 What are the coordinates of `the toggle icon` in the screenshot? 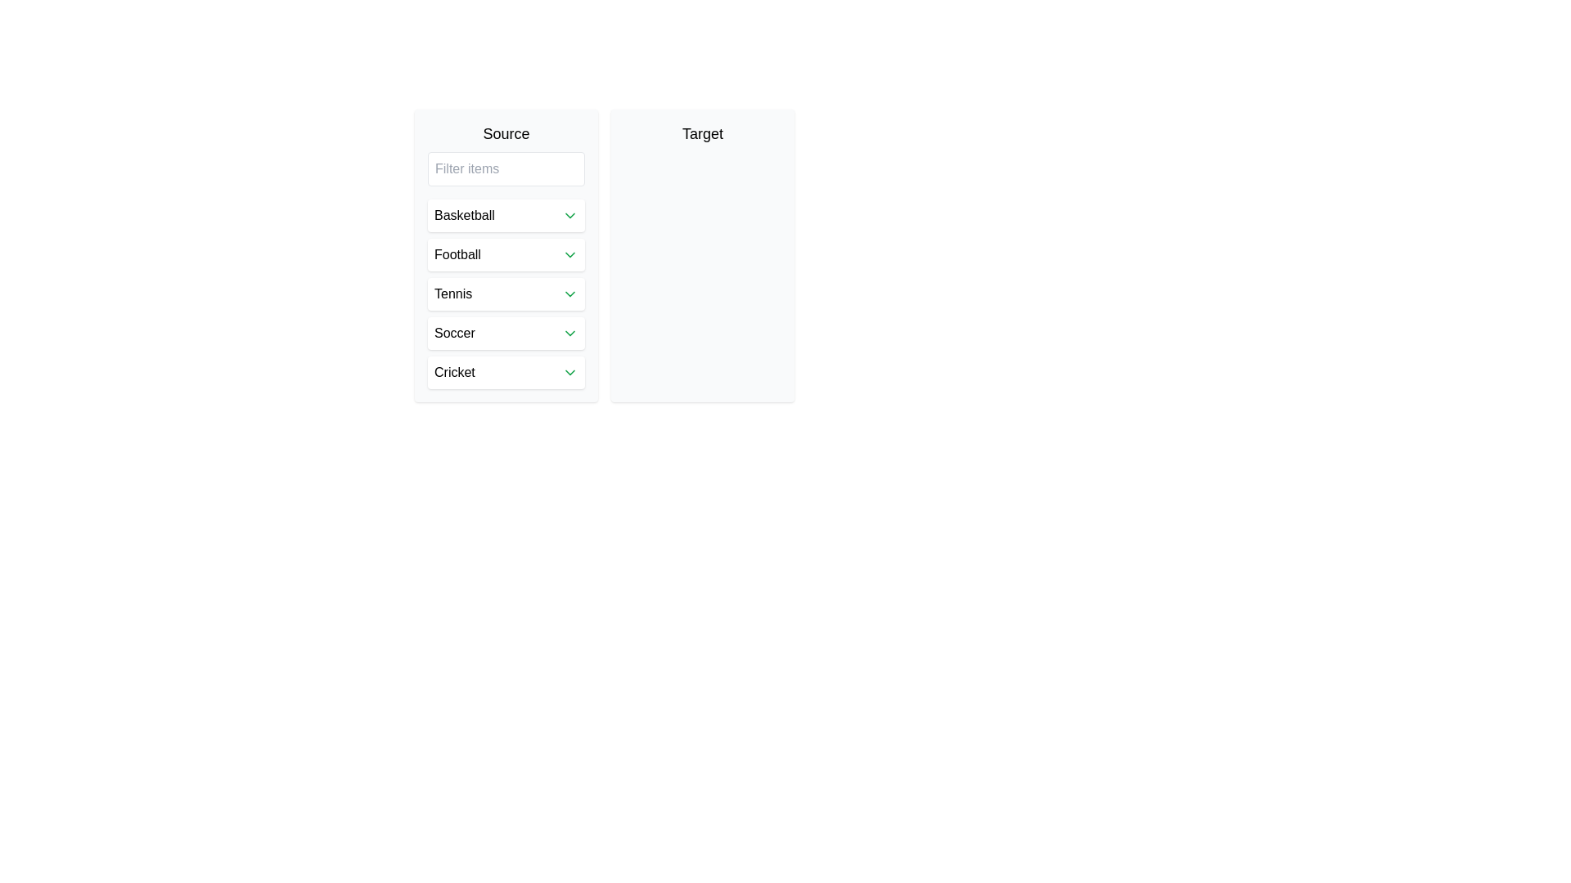 It's located at (569, 293).